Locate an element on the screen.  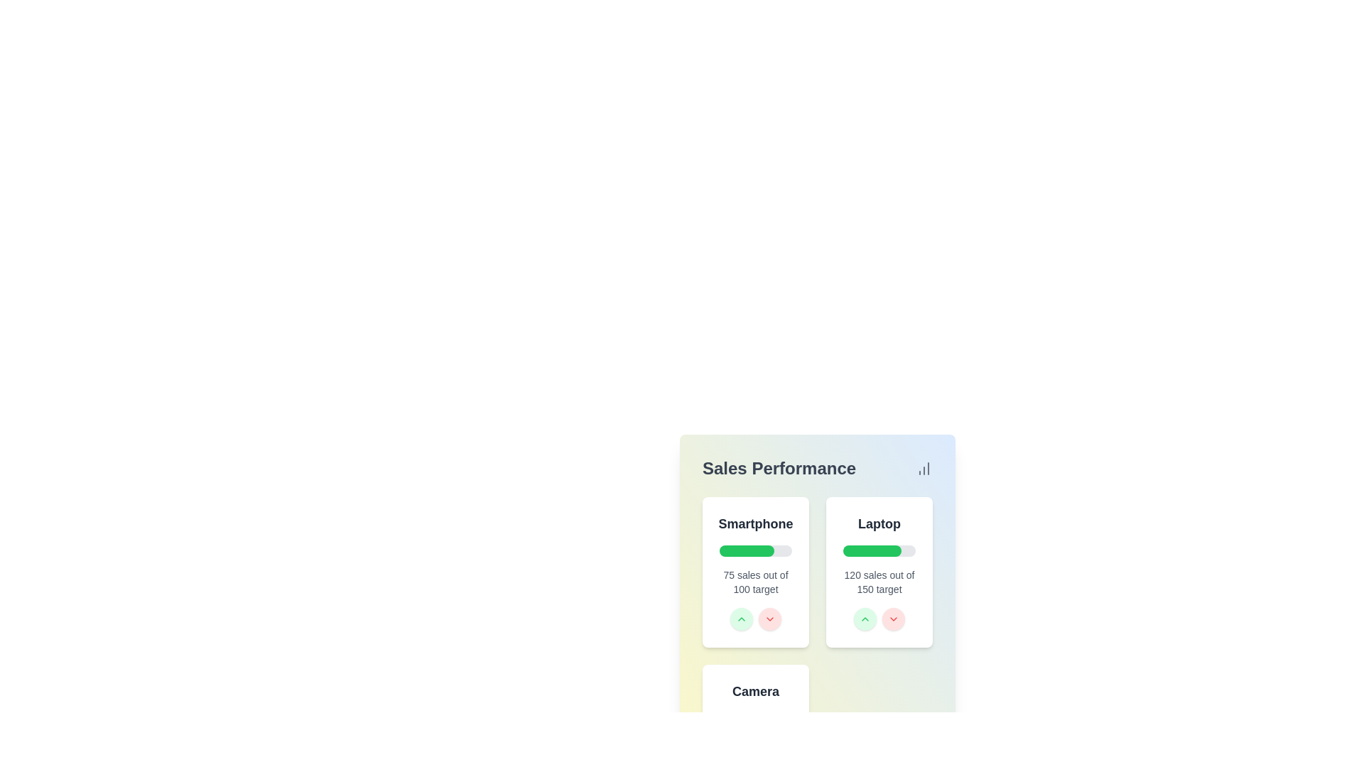
the circular red button with a downward chevron icon is located at coordinates (892, 618).